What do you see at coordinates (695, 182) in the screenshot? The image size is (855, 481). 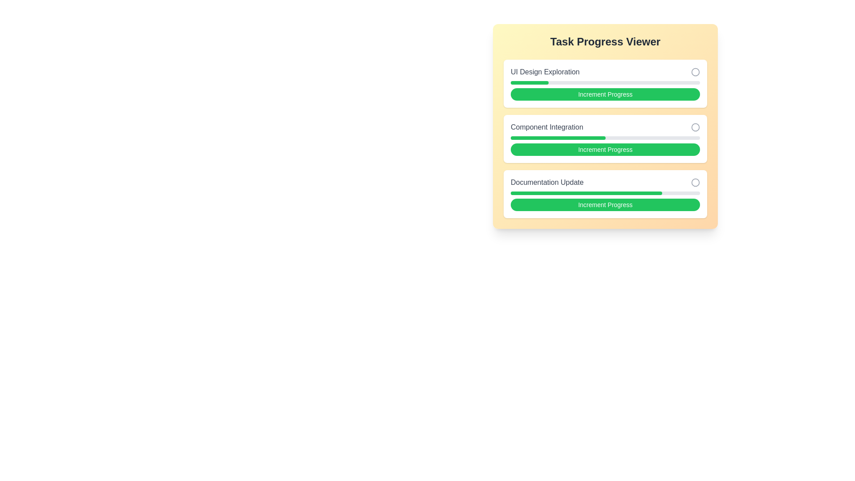 I see `the status indicator icon located at the extreme right edge of the 'Documentation Update' section to interact with it` at bounding box center [695, 182].